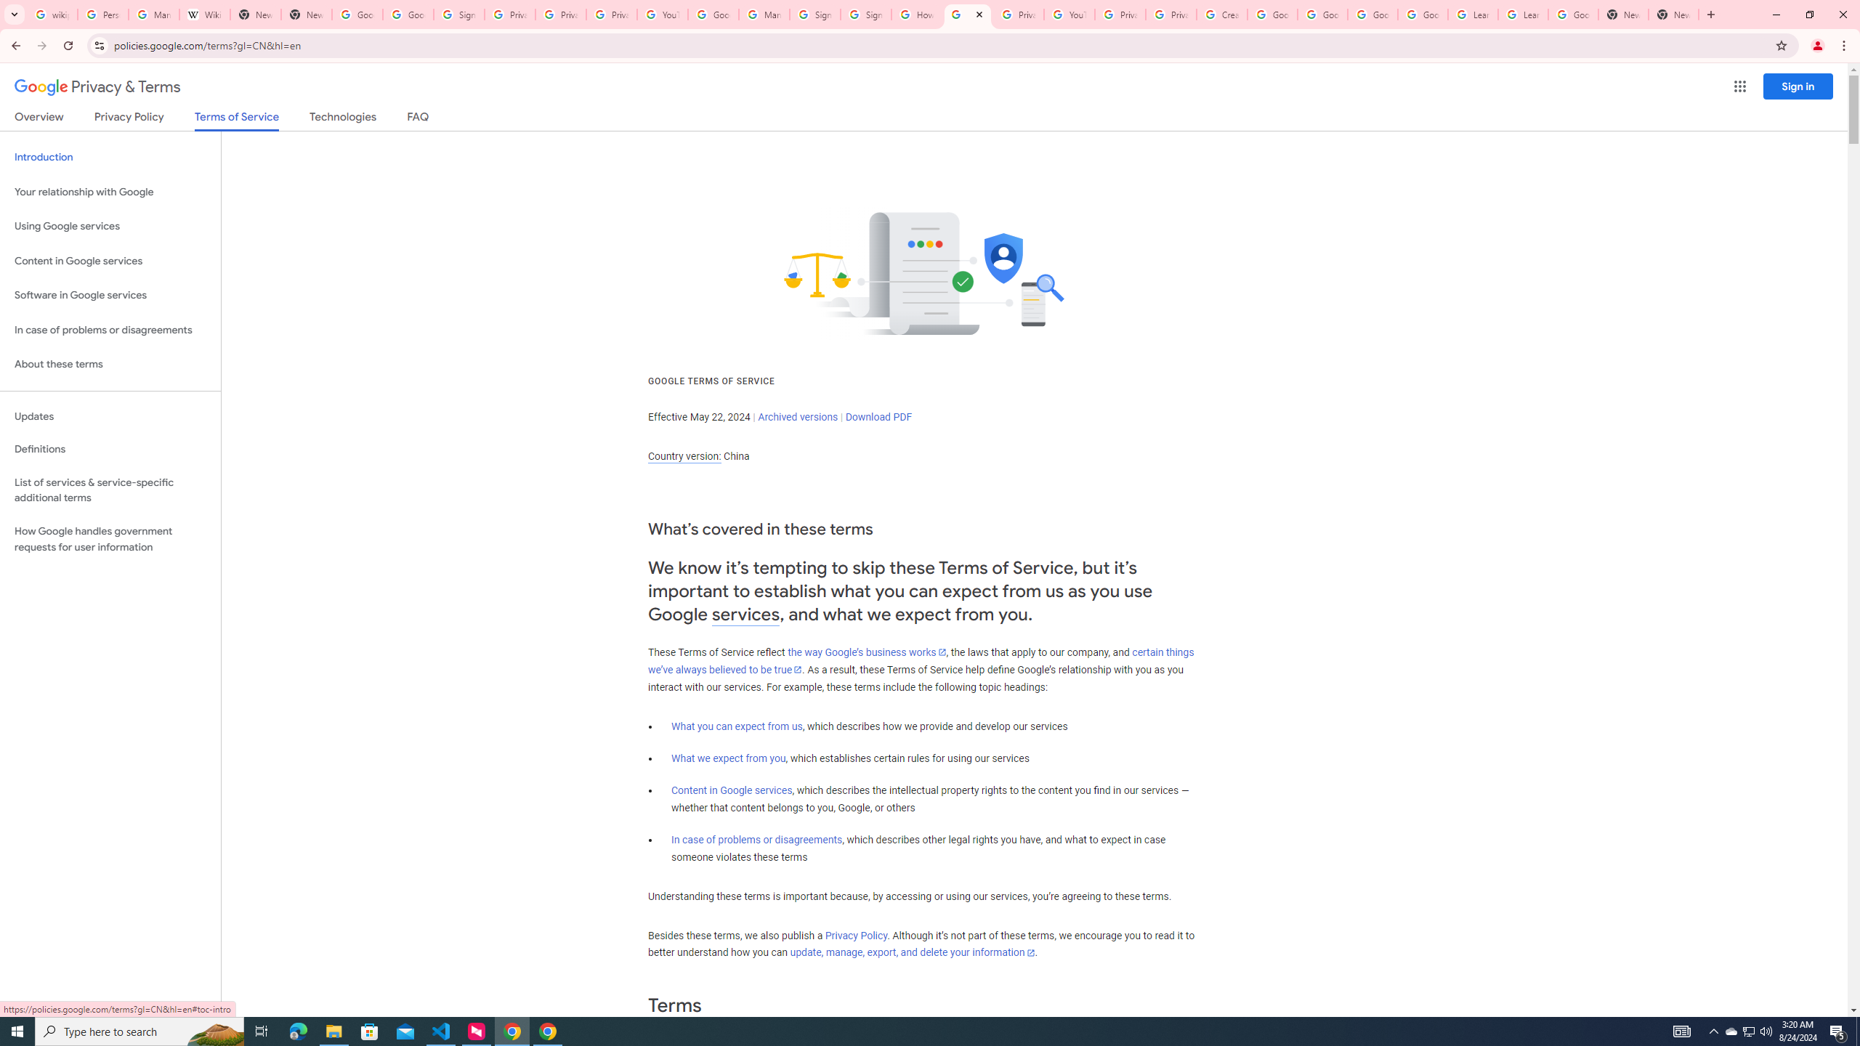 The width and height of the screenshot is (1860, 1046). I want to click on 'New Tab', so click(1673, 14).